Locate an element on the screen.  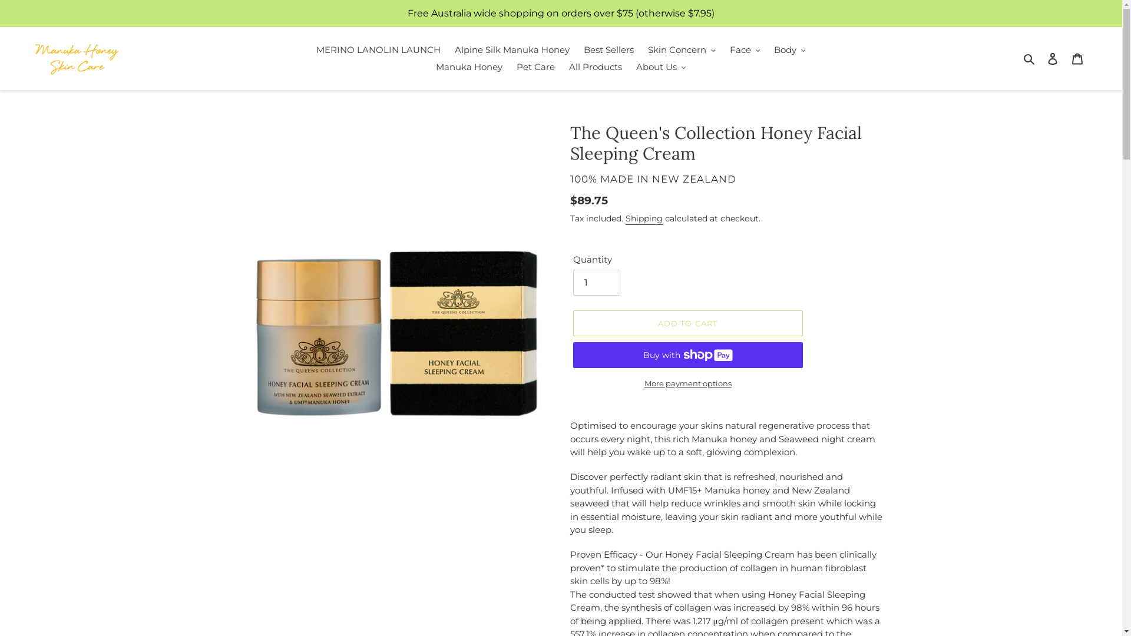
'Face' is located at coordinates (745, 49).